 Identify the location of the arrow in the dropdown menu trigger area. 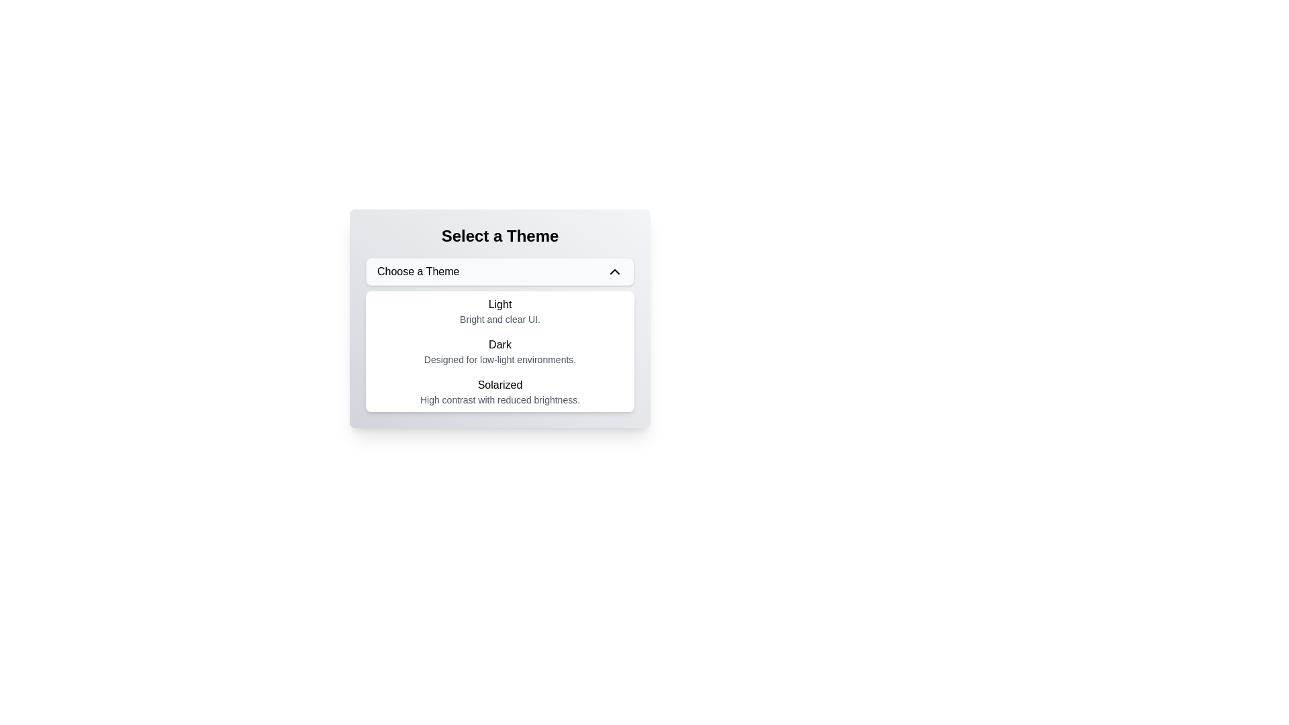
(499, 272).